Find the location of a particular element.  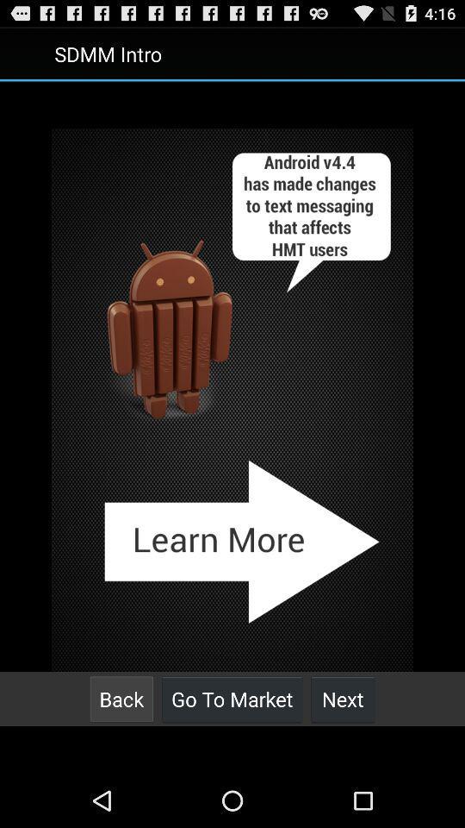

next at the bottom right corner is located at coordinates (343, 699).